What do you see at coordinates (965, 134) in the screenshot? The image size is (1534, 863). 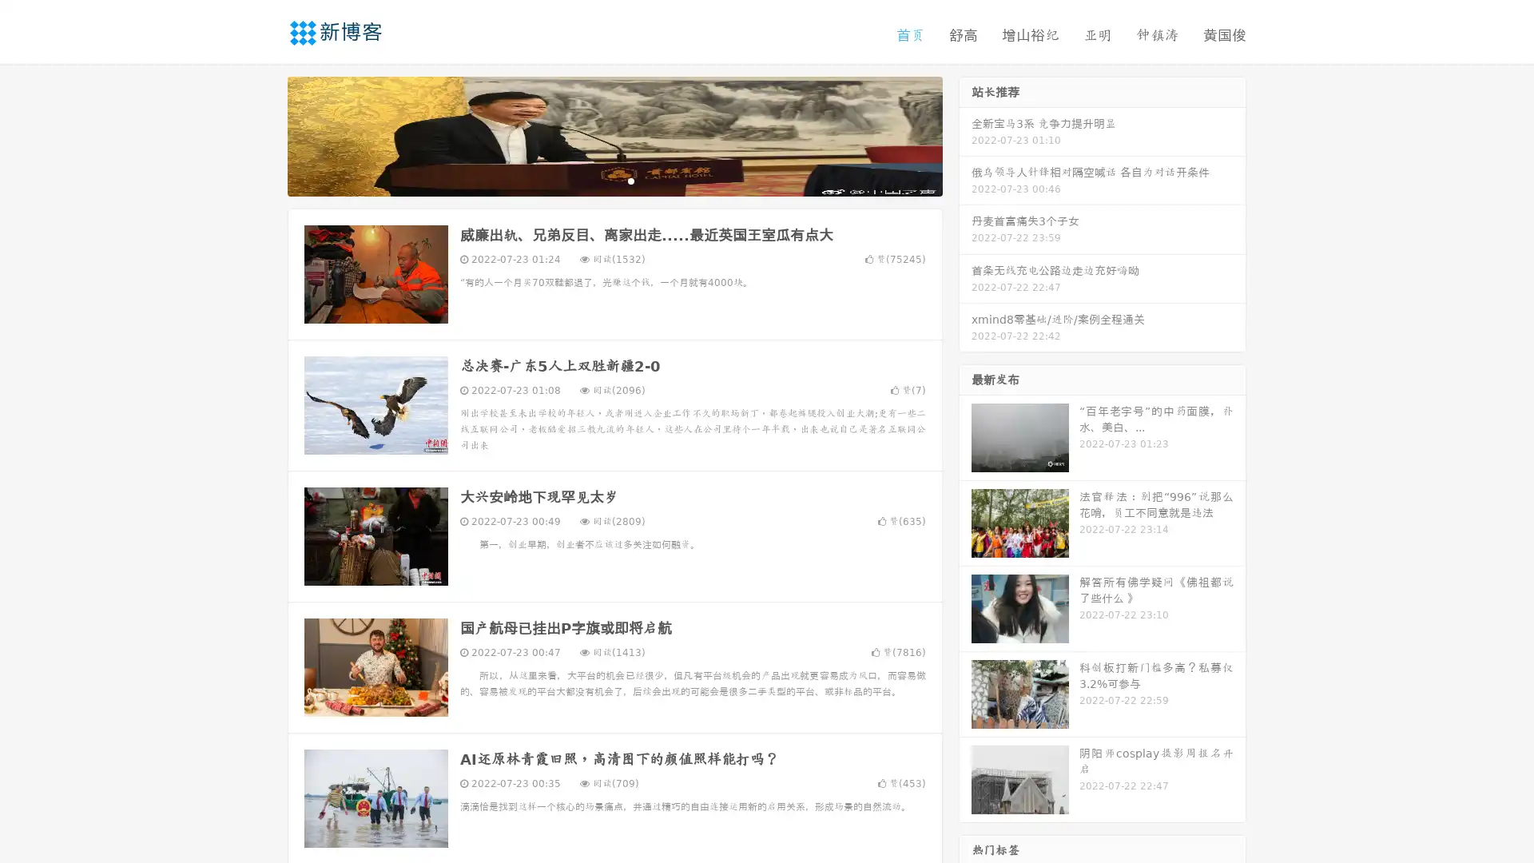 I see `Next slide` at bounding box center [965, 134].